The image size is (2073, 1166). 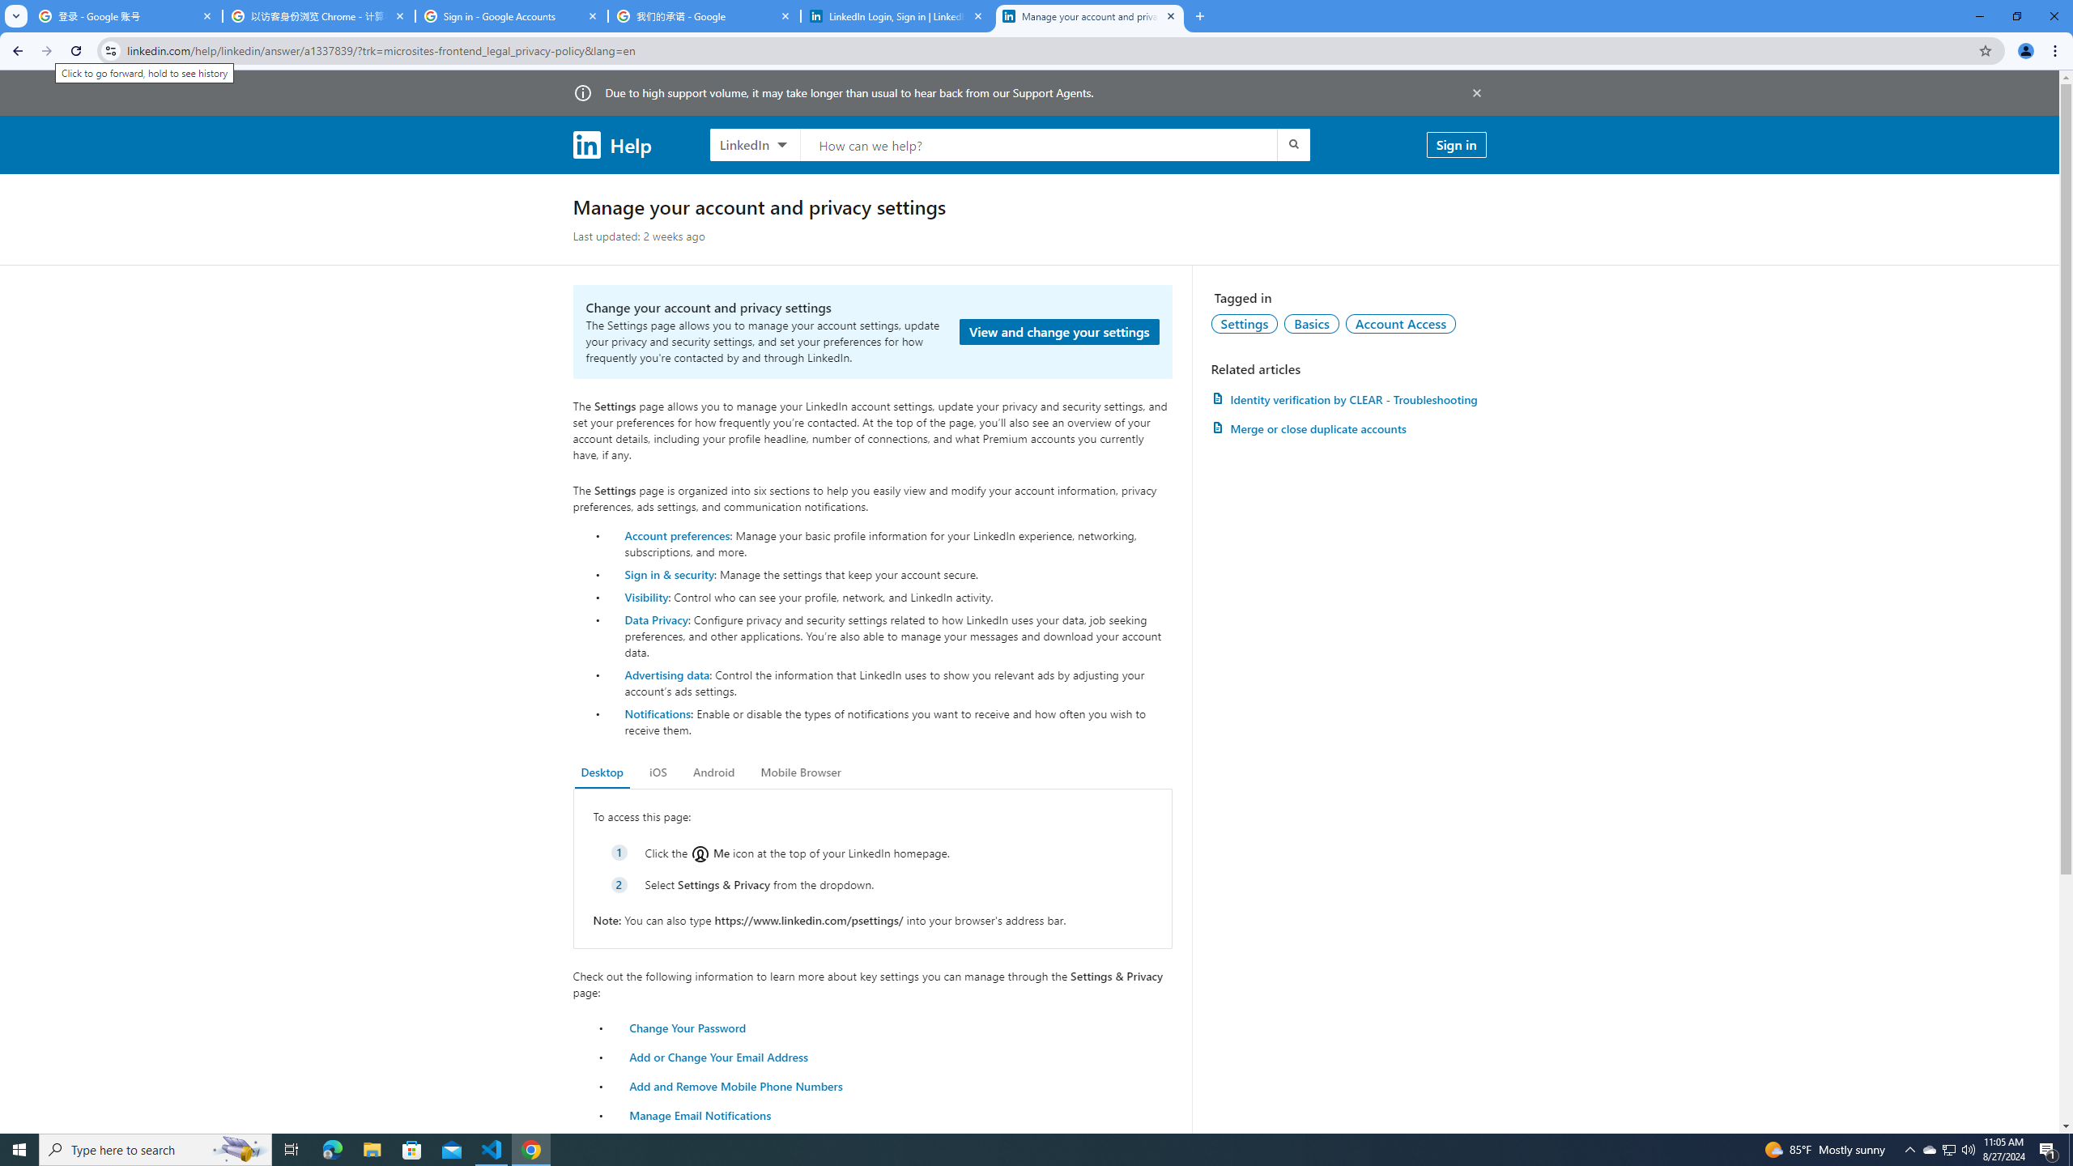 What do you see at coordinates (1347, 428) in the screenshot?
I see `'AutomationID: article-link-a1337200'` at bounding box center [1347, 428].